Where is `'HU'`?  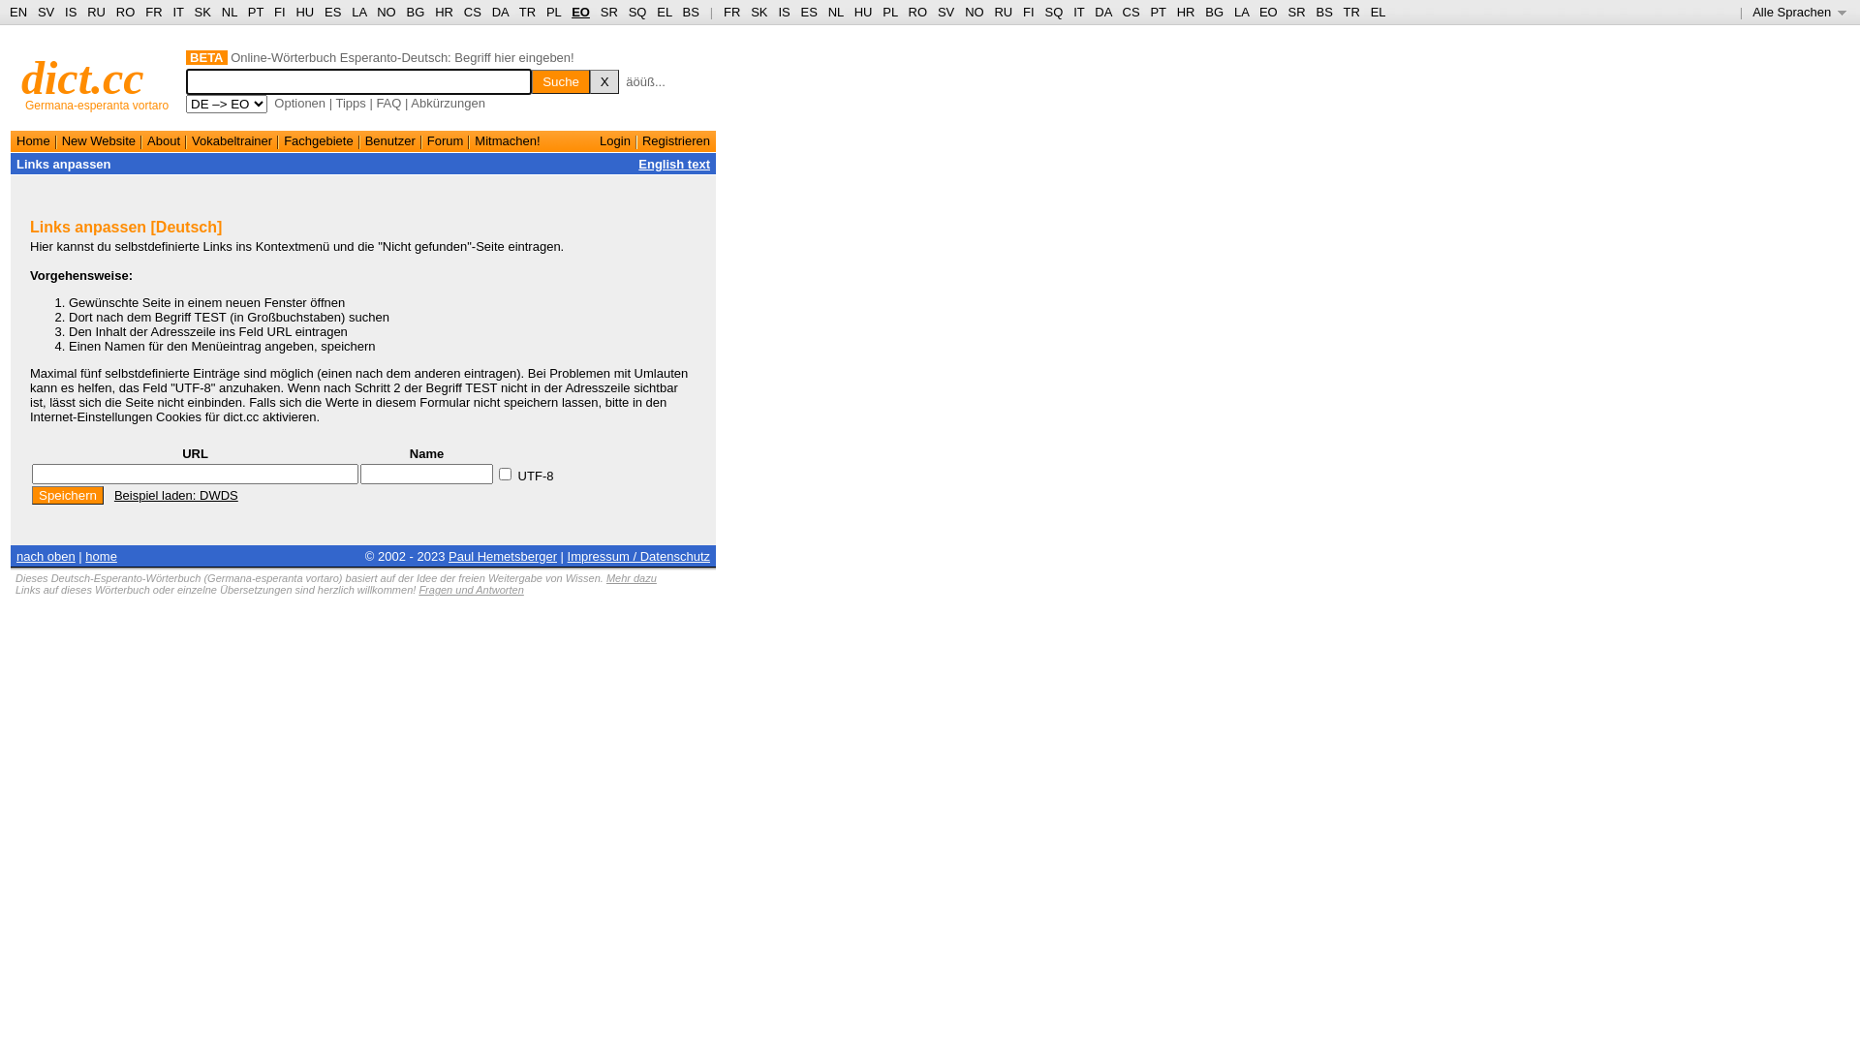 'HU' is located at coordinates (862, 12).